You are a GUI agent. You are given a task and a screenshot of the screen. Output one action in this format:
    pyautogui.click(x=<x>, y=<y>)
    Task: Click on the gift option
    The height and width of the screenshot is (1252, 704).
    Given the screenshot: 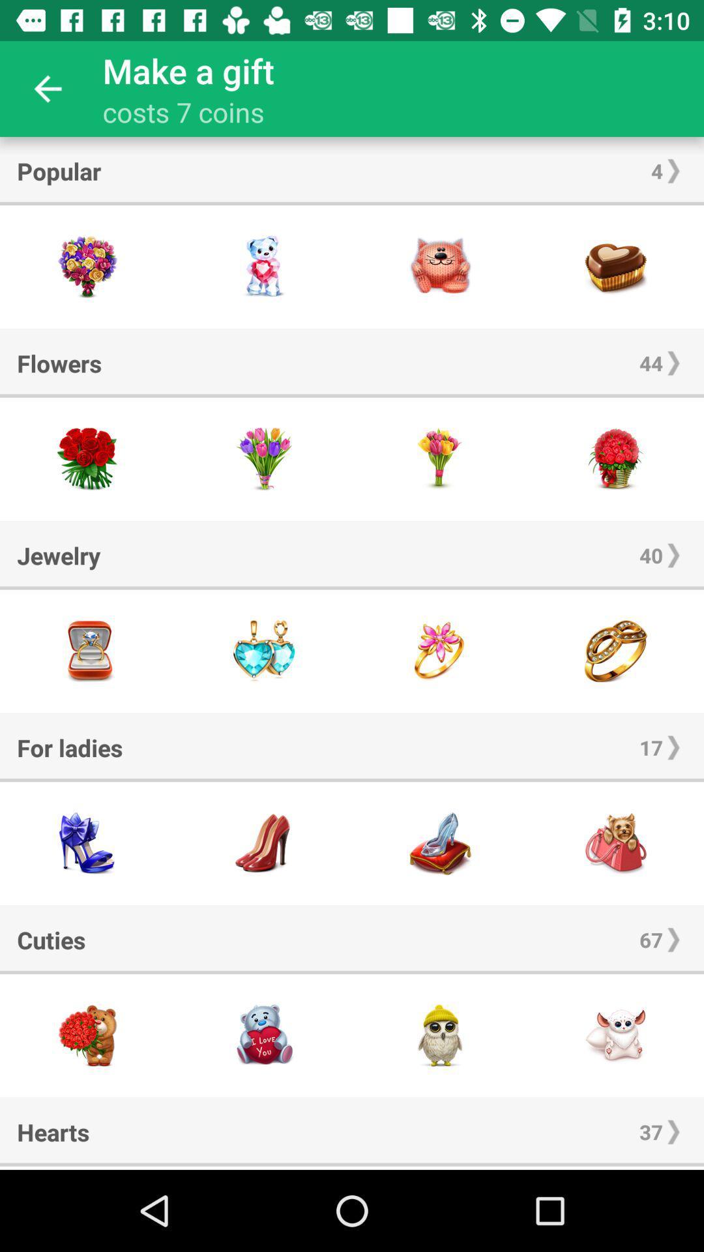 What is the action you would take?
    pyautogui.click(x=616, y=266)
    